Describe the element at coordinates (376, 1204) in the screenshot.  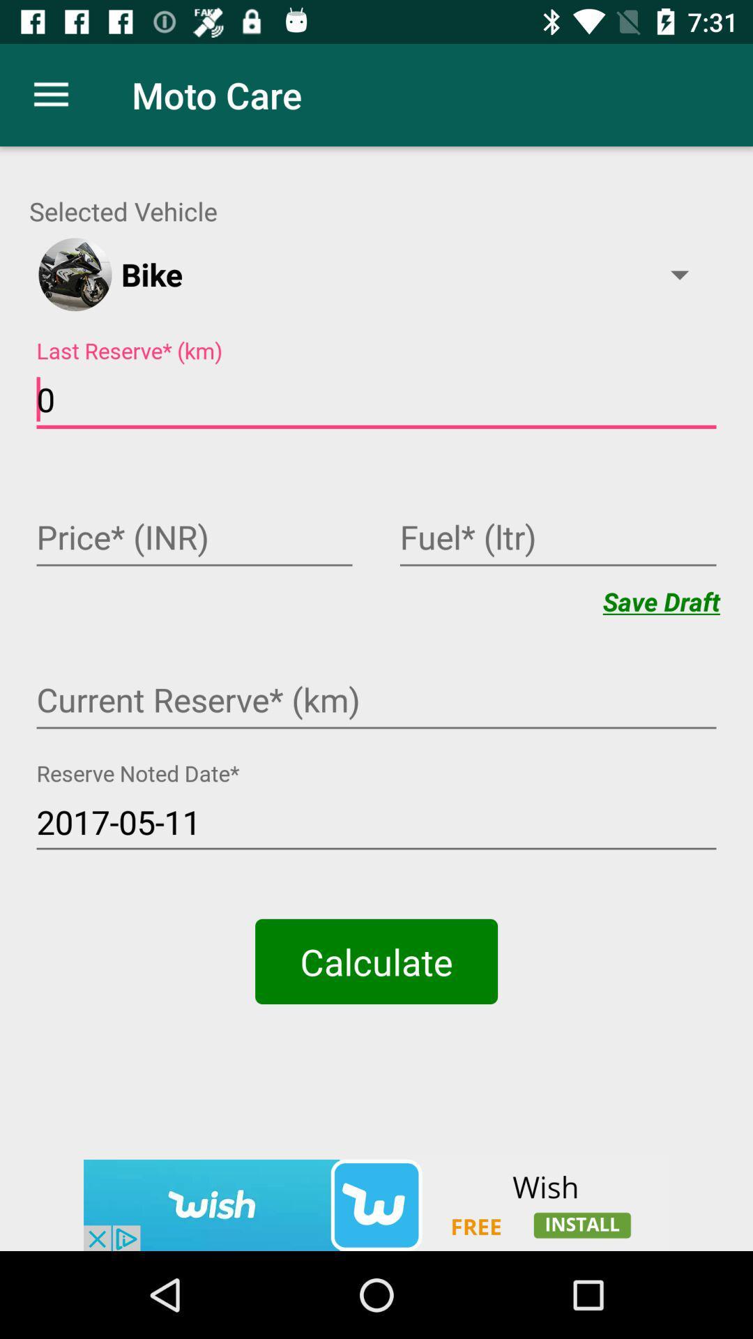
I see `advertisement for wish` at that location.